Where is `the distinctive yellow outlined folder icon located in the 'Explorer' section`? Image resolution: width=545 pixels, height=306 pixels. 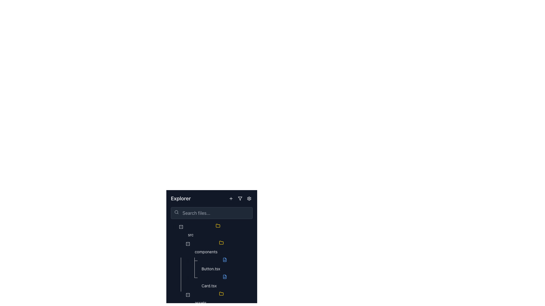
the distinctive yellow outlined folder icon located in the 'Explorer' section is located at coordinates (218, 226).